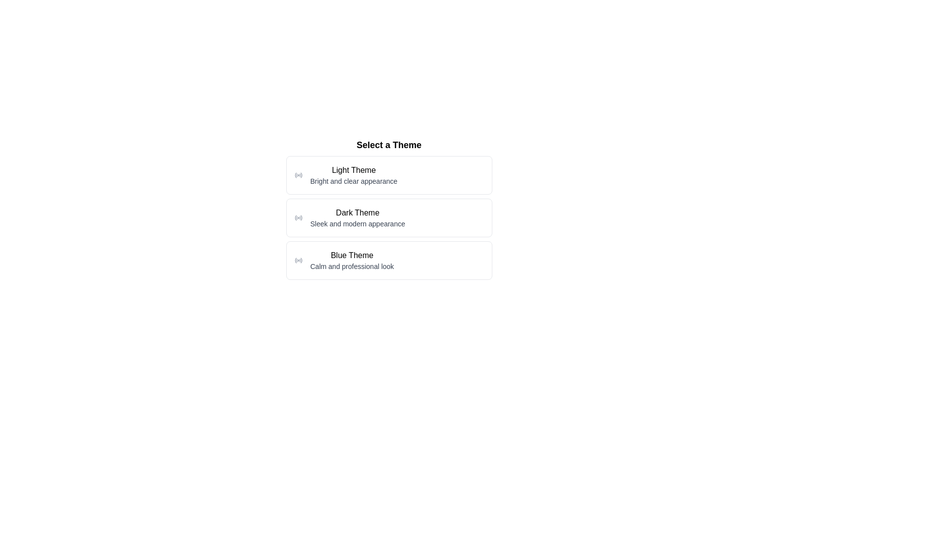 Image resolution: width=951 pixels, height=535 pixels. Describe the element at coordinates (388, 217) in the screenshot. I see `the 'Dark Theme' selectable option, which is the second option in the list of theme choices` at that location.